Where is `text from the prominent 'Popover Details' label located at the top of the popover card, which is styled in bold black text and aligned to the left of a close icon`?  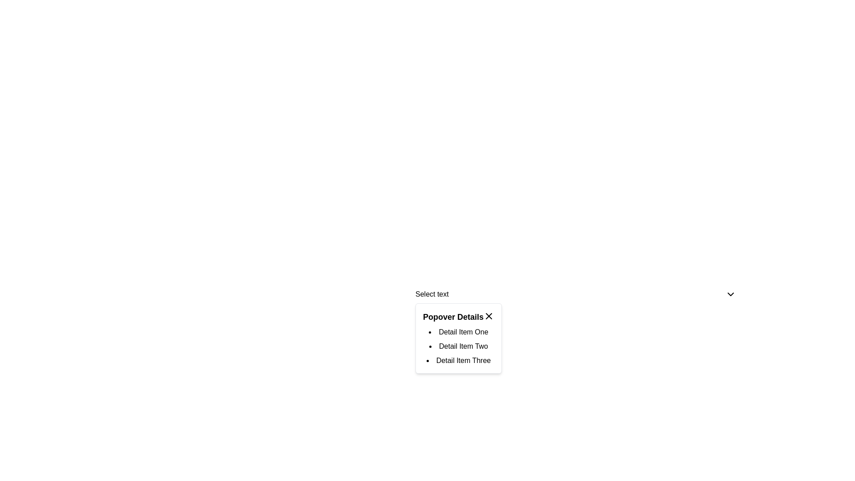
text from the prominent 'Popover Details' label located at the top of the popover card, which is styled in bold black text and aligned to the left of a close icon is located at coordinates (453, 317).